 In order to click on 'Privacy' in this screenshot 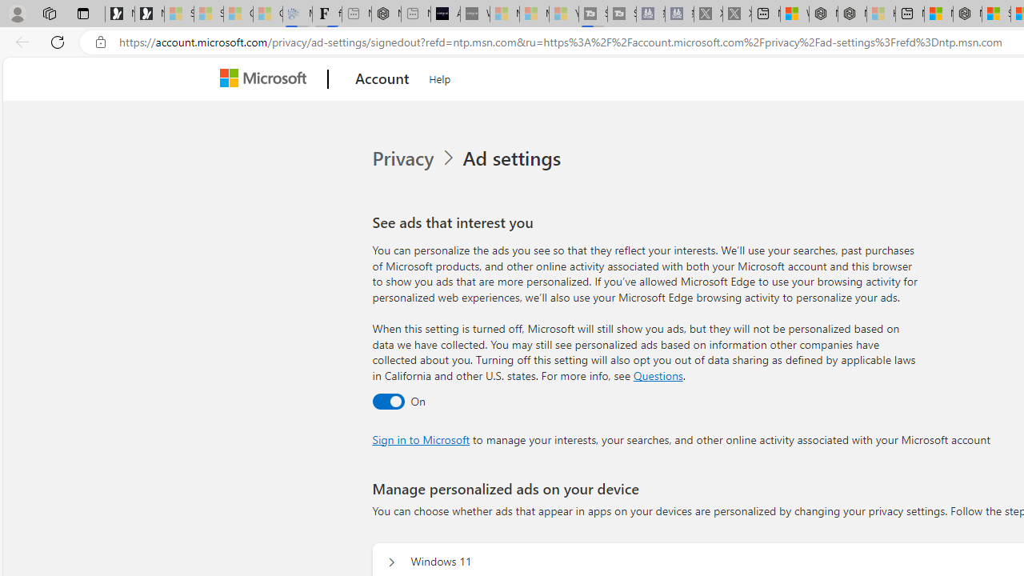, I will do `click(415, 158)`.